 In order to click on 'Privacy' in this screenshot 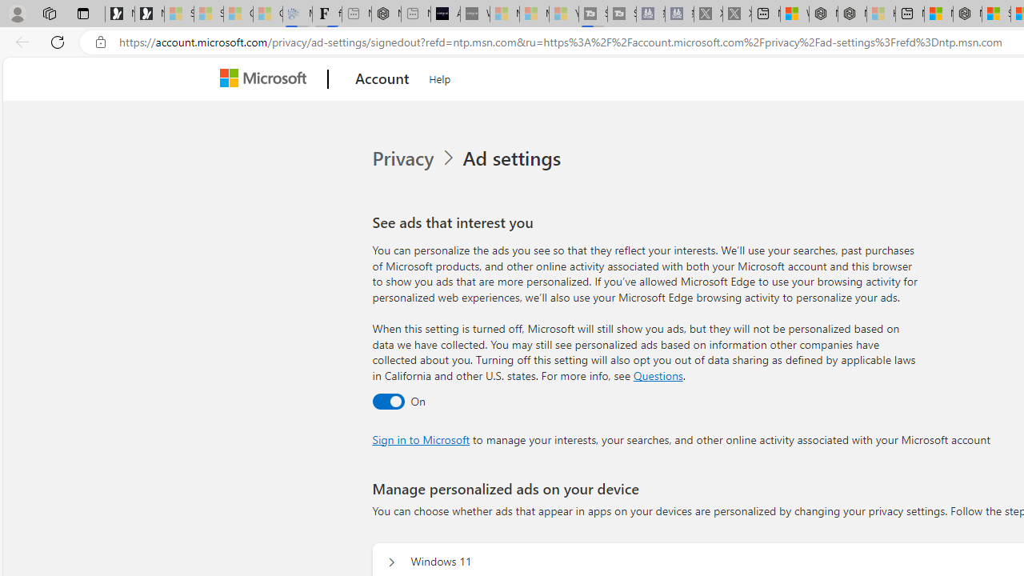, I will do `click(415, 158)`.